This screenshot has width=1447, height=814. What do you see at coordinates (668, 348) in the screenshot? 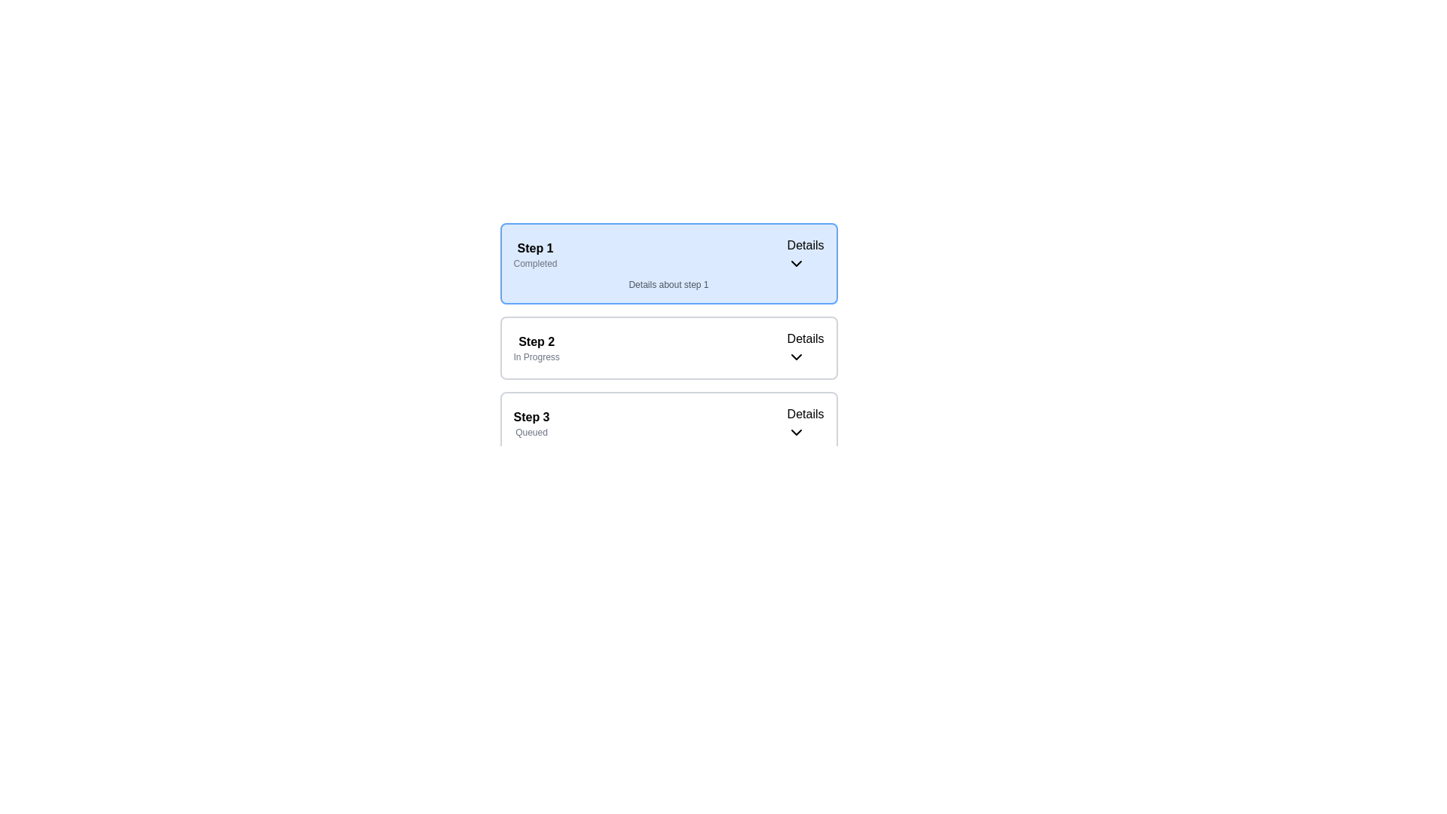
I see `the Interactive card or step indicator representing the second step in the sequence, which is currently 'In Progress,'` at bounding box center [668, 348].